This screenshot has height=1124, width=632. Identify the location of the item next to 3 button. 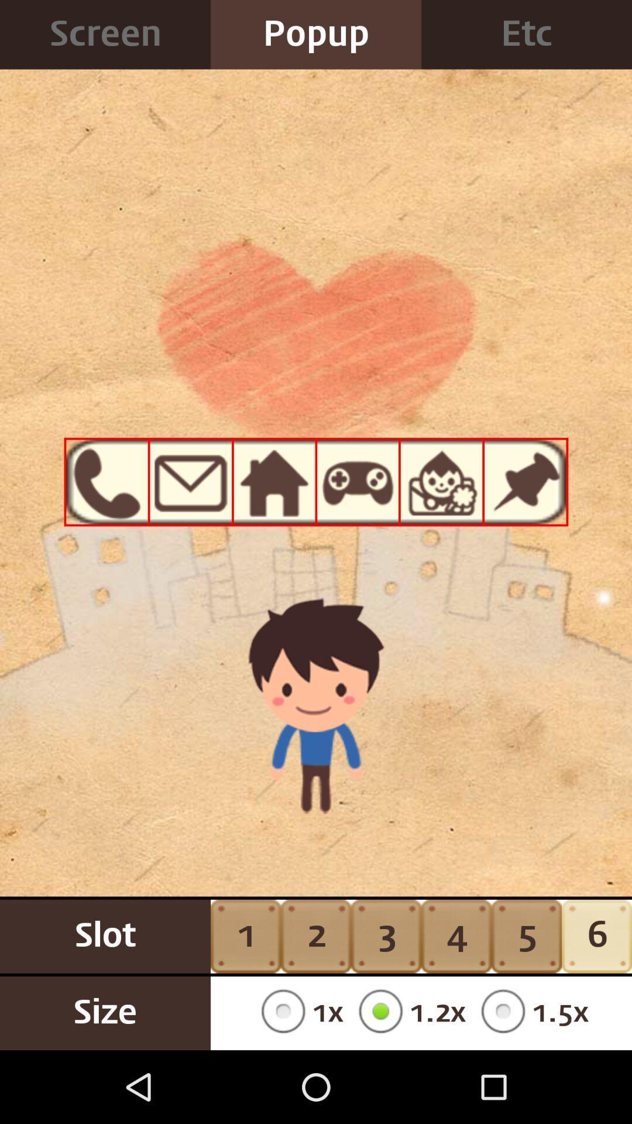
(297, 1013).